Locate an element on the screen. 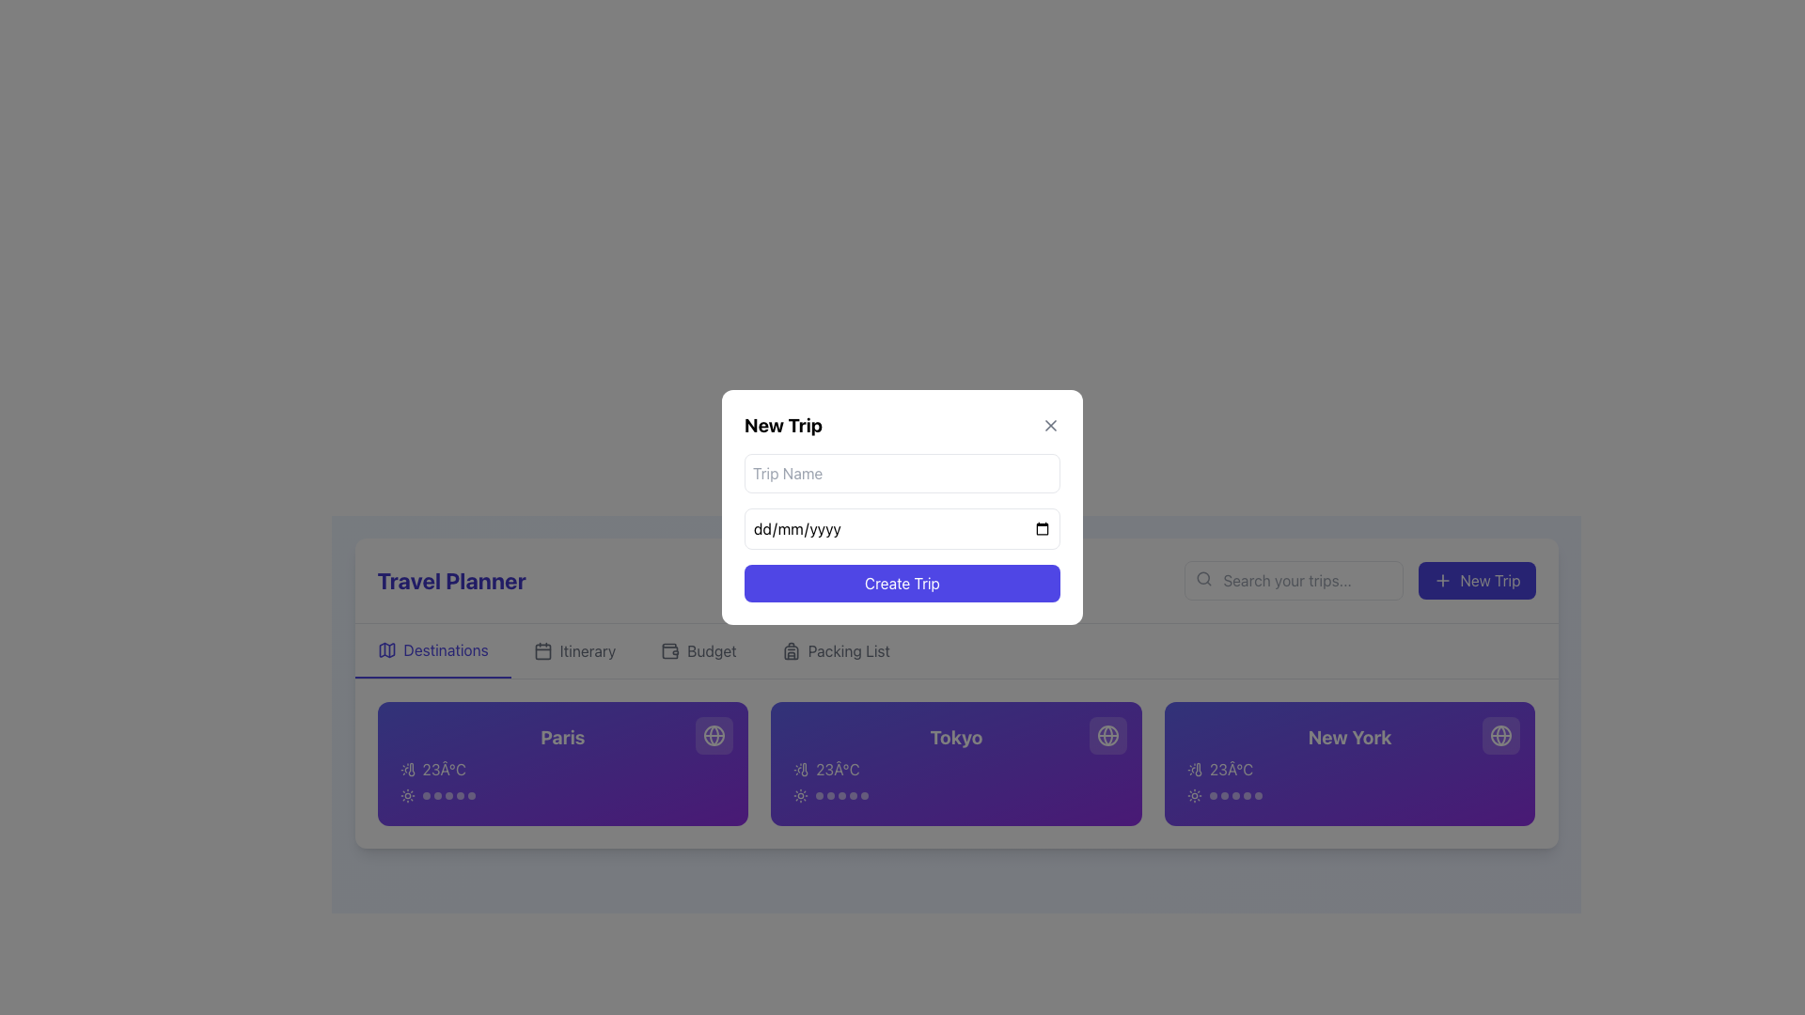 This screenshot has width=1805, height=1015. the icon button located at the top-right corner of the 'Paris' card for further actions is located at coordinates (714, 735).